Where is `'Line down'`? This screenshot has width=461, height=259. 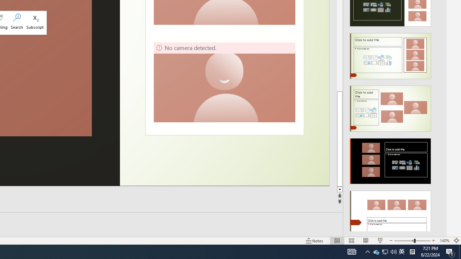 'Line down' is located at coordinates (339, 189).